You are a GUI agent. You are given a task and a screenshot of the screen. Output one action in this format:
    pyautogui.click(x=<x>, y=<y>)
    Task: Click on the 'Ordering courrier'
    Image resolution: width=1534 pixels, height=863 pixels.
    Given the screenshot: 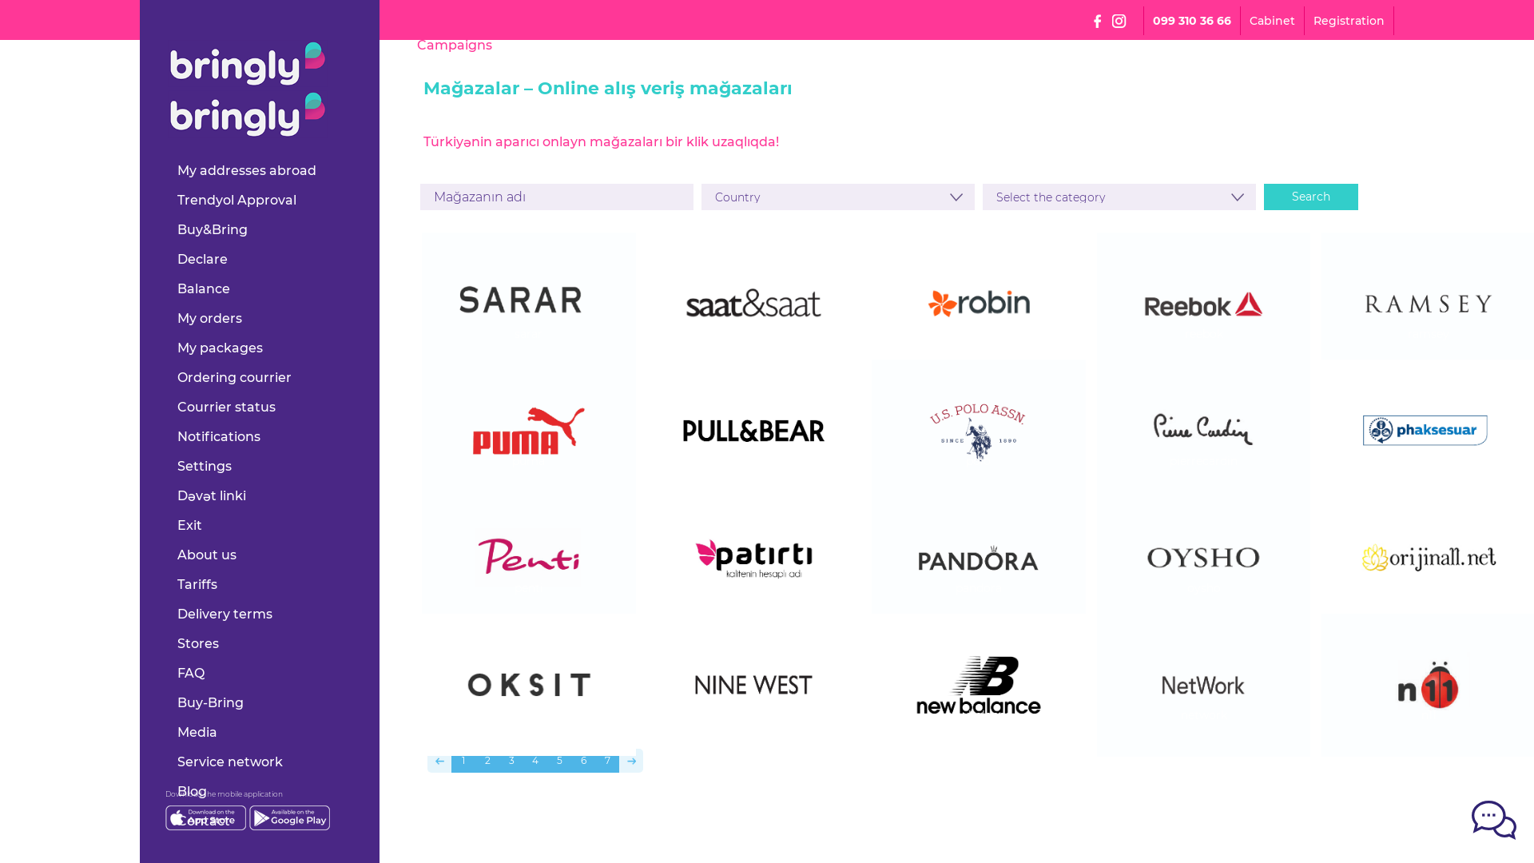 What is the action you would take?
    pyautogui.click(x=233, y=377)
    